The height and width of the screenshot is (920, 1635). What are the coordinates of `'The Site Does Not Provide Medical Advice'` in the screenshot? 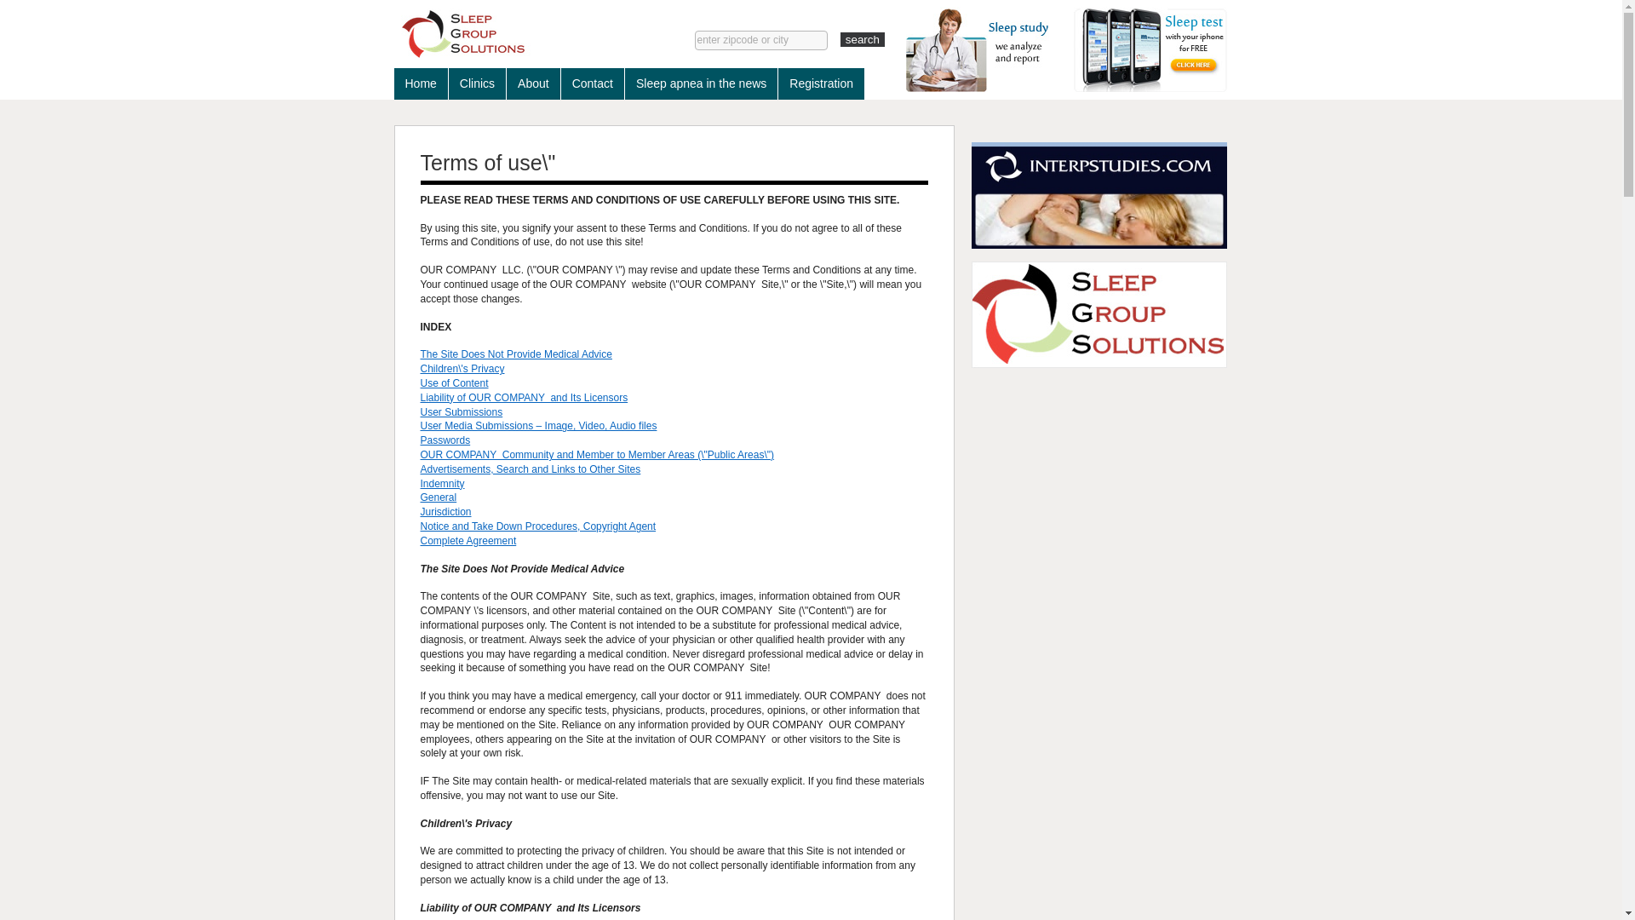 It's located at (515, 354).